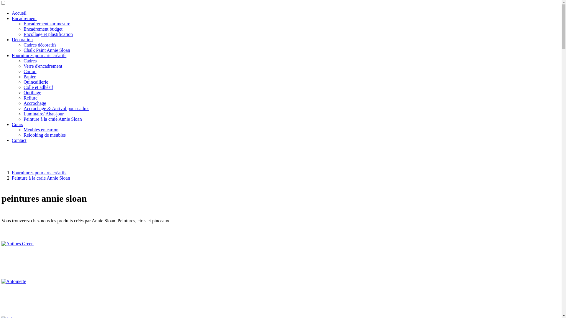 Image resolution: width=566 pixels, height=318 pixels. I want to click on 'Meubles en carton', so click(41, 129).